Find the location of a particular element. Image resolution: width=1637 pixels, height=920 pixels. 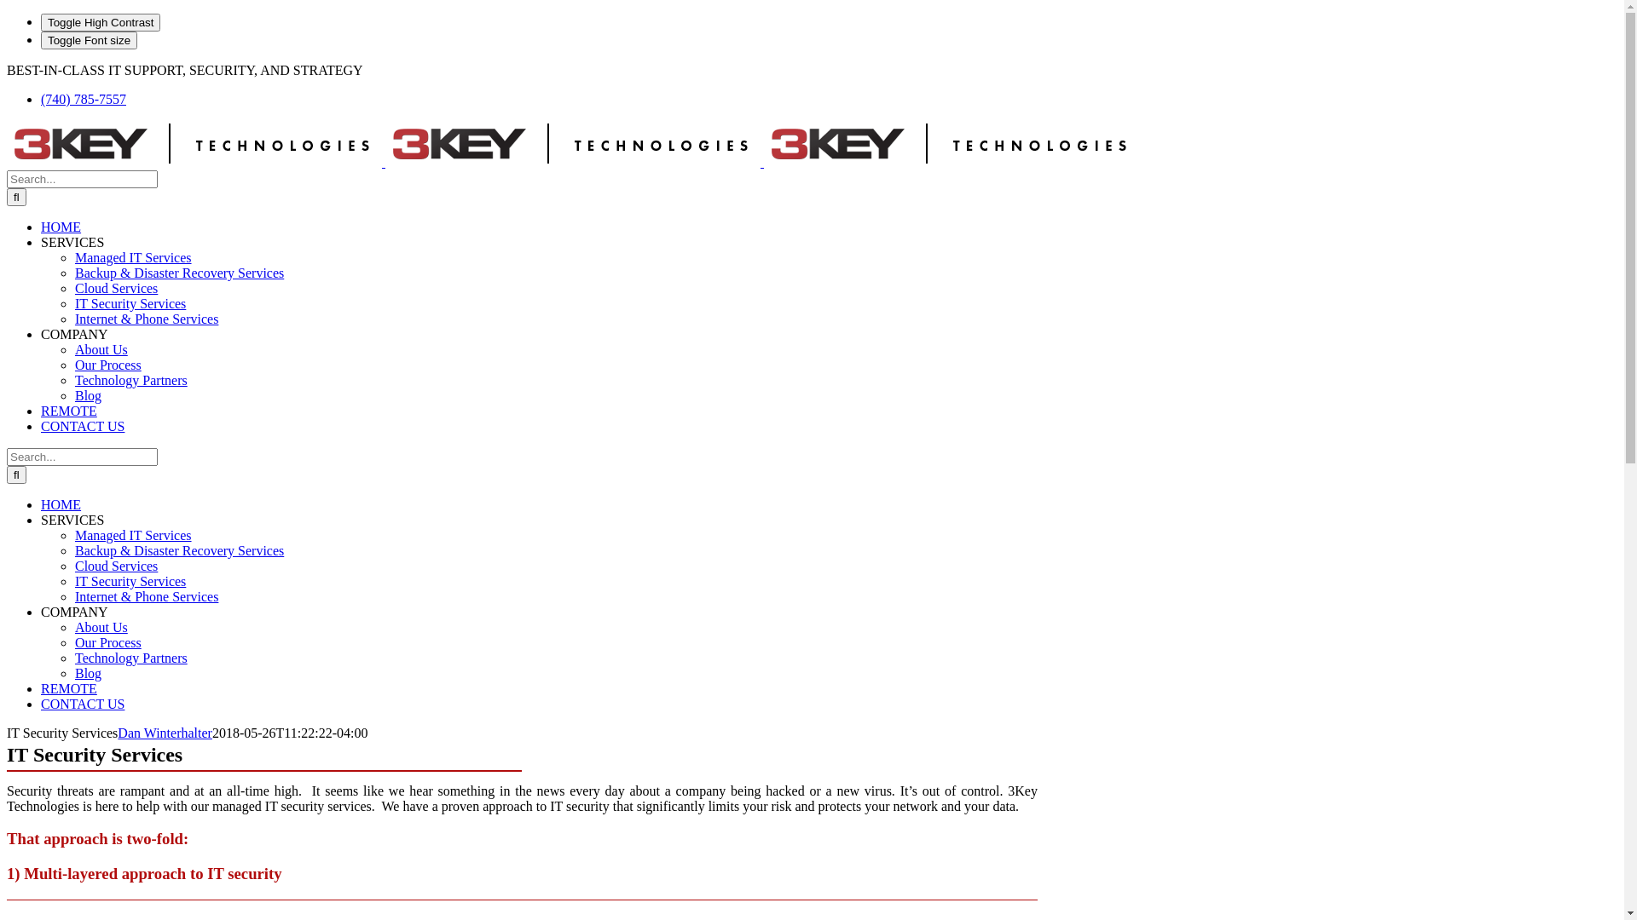

'Blog' is located at coordinates (87, 395).